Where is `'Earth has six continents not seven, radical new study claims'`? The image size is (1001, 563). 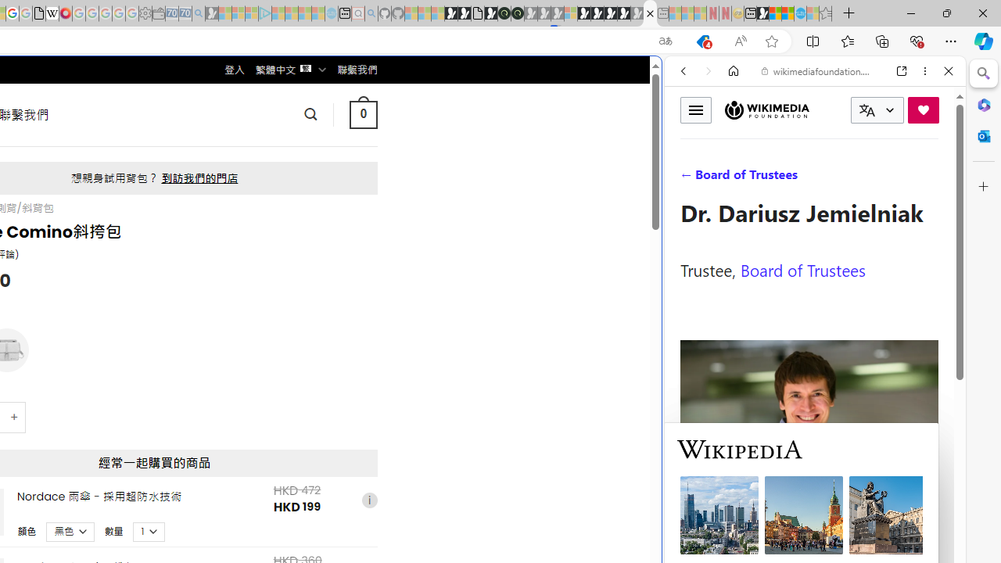
'Earth has six continents not seven, radical new study claims' is located at coordinates (788, 13).